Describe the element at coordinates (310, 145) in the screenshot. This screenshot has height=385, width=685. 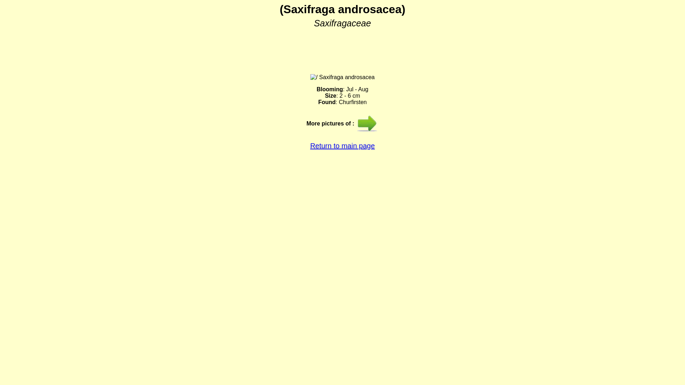
I see `'Return to main page'` at that location.